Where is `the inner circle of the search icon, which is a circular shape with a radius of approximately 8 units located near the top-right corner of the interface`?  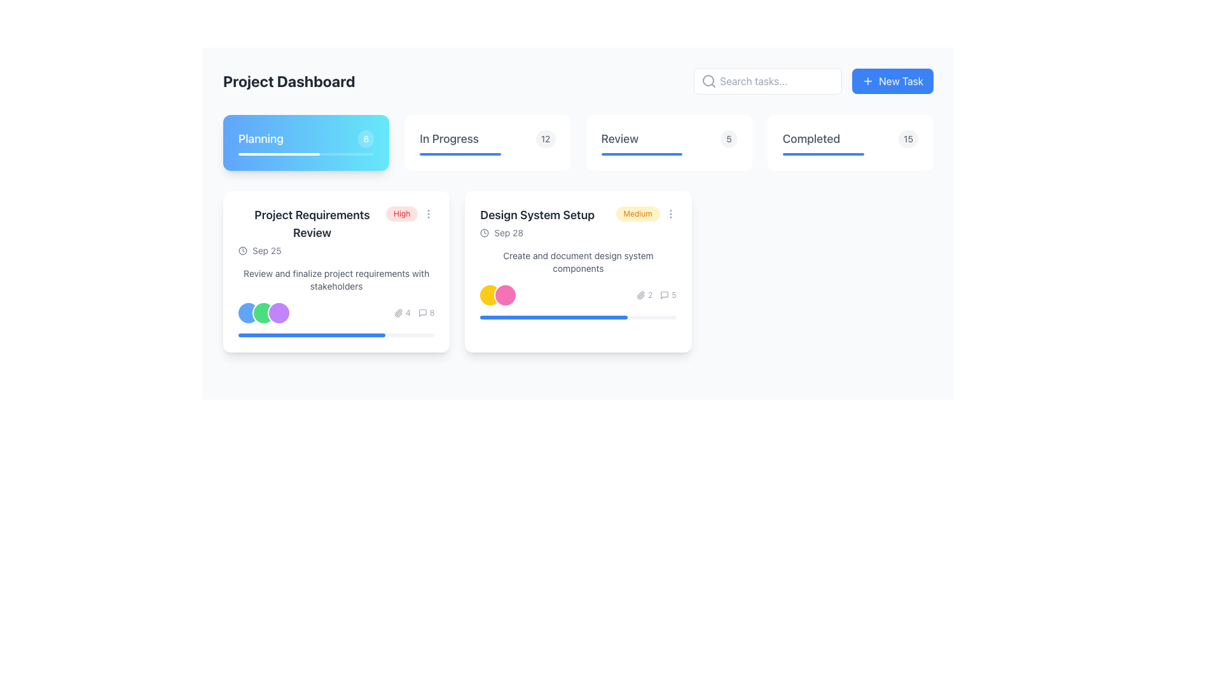 the inner circle of the search icon, which is a circular shape with a radius of approximately 8 units located near the top-right corner of the interface is located at coordinates (708, 81).